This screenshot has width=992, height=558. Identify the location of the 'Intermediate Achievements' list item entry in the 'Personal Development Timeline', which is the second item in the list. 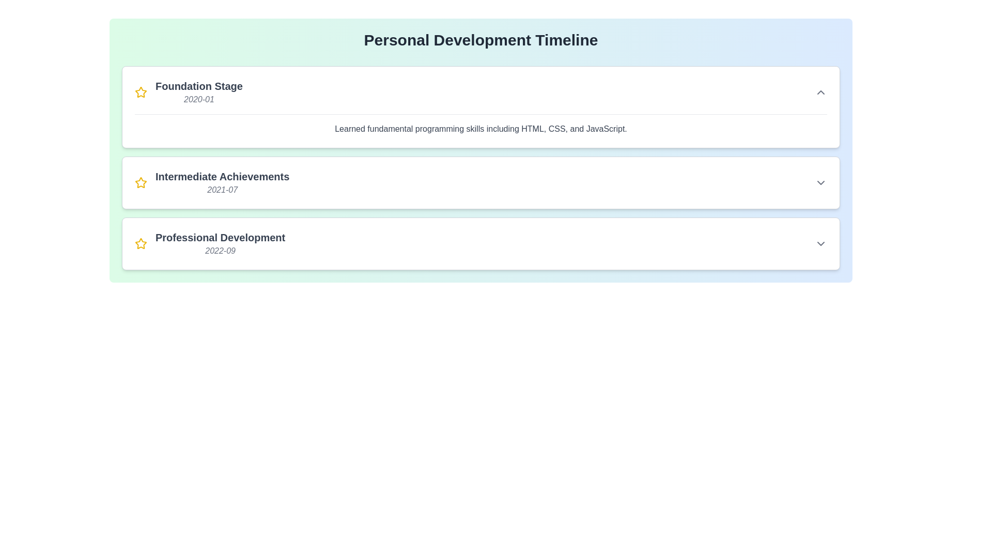
(211, 182).